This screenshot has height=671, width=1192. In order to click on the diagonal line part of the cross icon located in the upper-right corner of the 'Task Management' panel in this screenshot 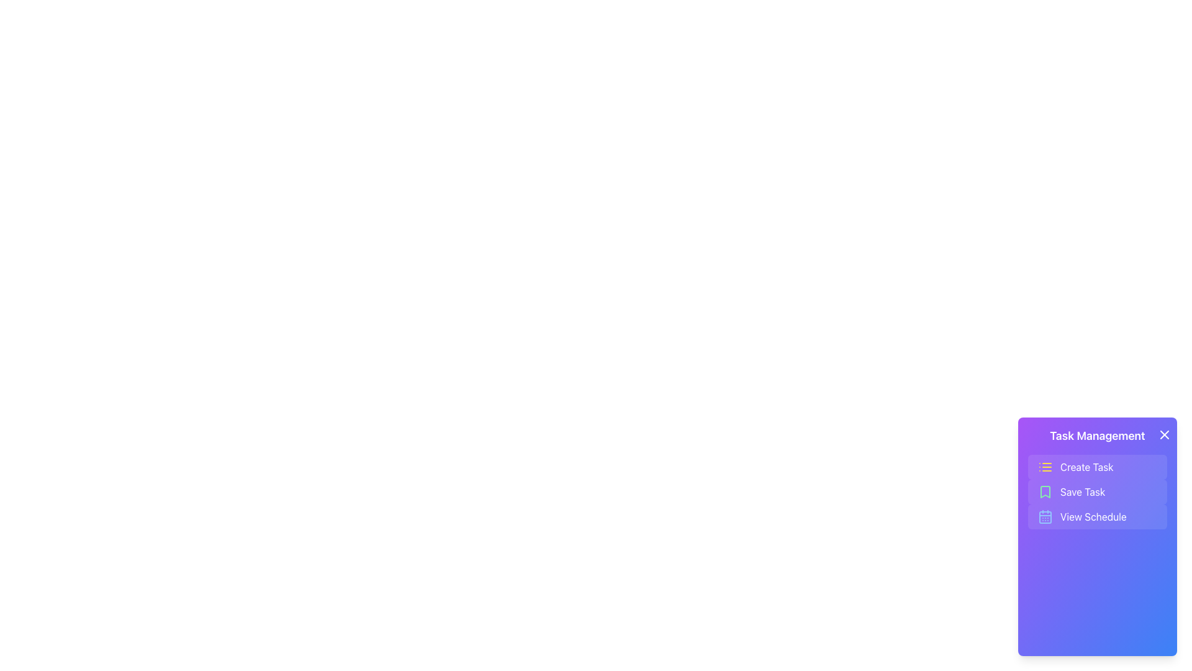, I will do `click(1164, 434)`.